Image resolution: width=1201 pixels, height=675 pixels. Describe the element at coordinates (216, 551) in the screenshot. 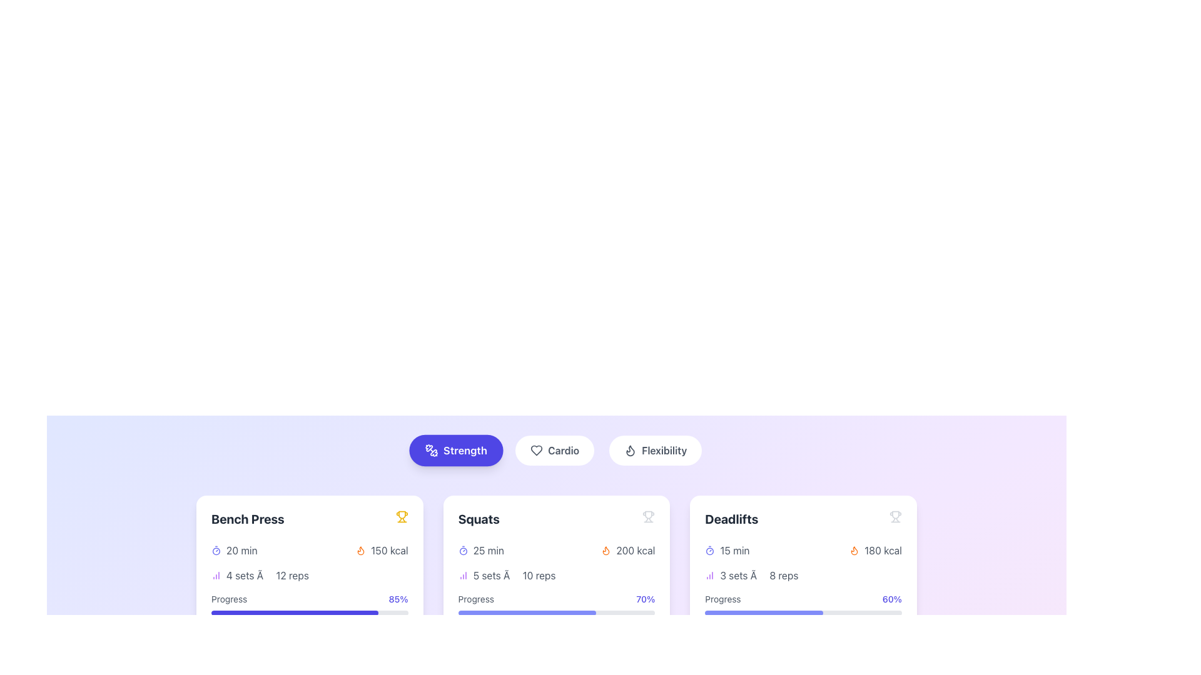

I see `the circular part of the timer icon, which is visually represented and located near the 'Strength' category button` at that location.